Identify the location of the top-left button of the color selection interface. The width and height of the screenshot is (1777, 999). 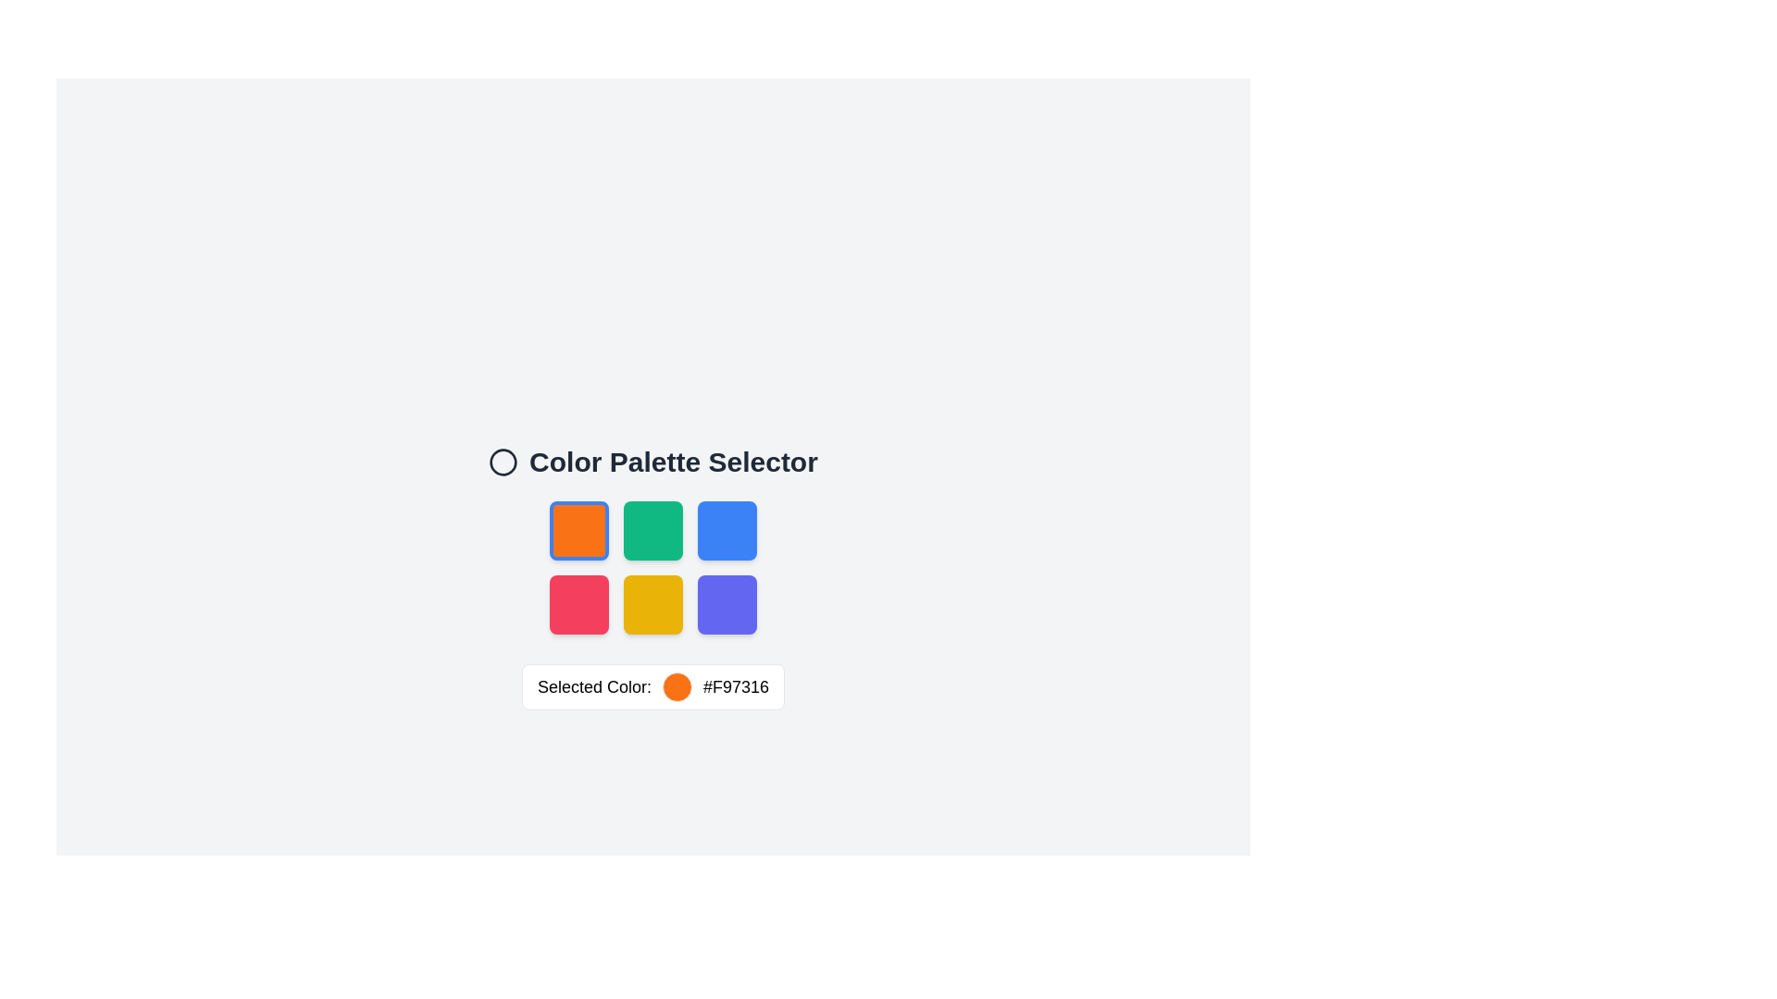
(578, 531).